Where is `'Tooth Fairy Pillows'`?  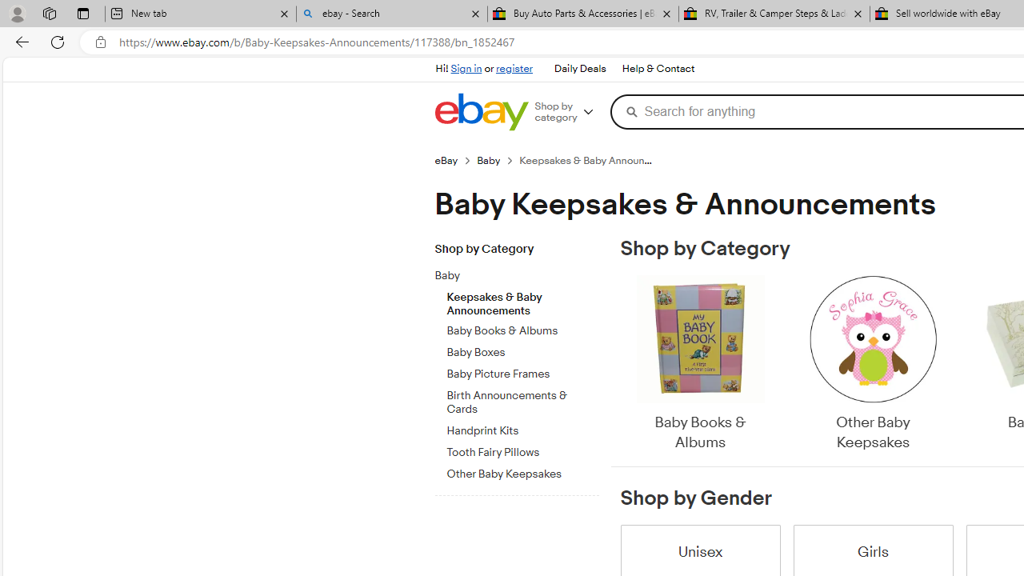
'Tooth Fairy Pillows' is located at coordinates (522, 453).